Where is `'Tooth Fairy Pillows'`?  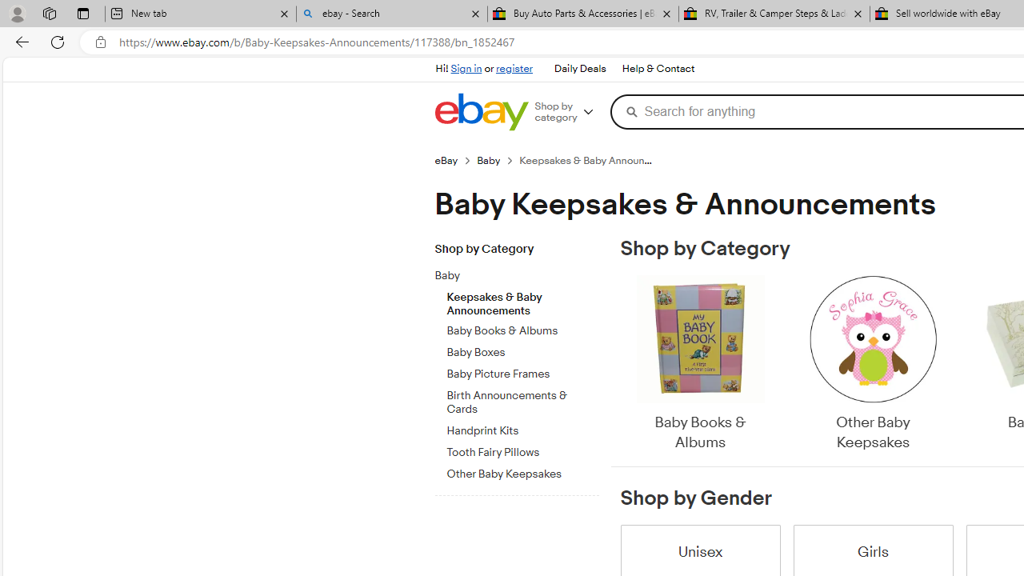
'Tooth Fairy Pillows' is located at coordinates (522, 453).